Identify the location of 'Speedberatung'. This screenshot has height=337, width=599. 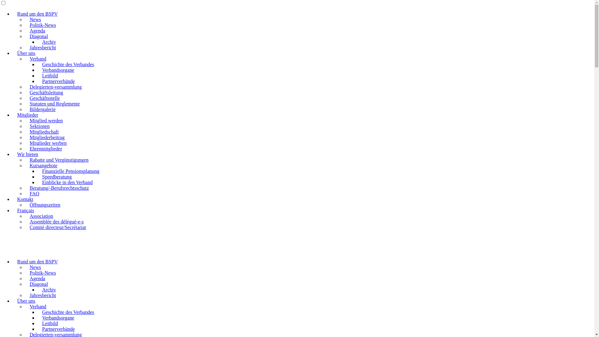
(57, 177).